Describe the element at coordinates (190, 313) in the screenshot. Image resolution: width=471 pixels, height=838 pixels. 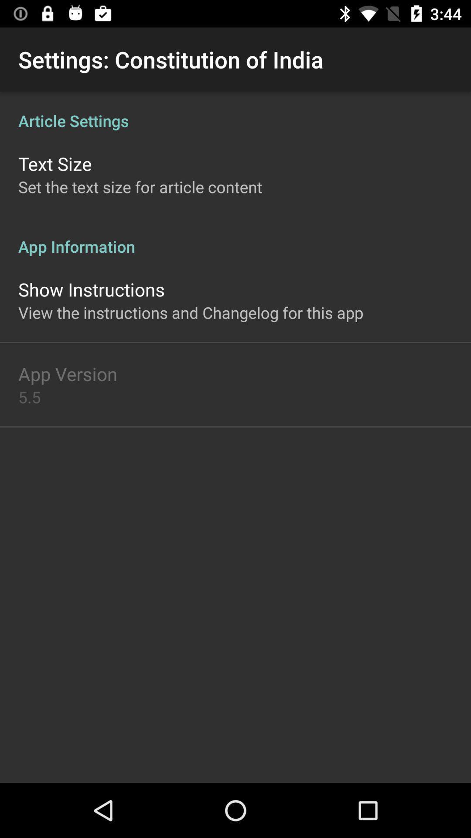
I see `app at the center` at that location.